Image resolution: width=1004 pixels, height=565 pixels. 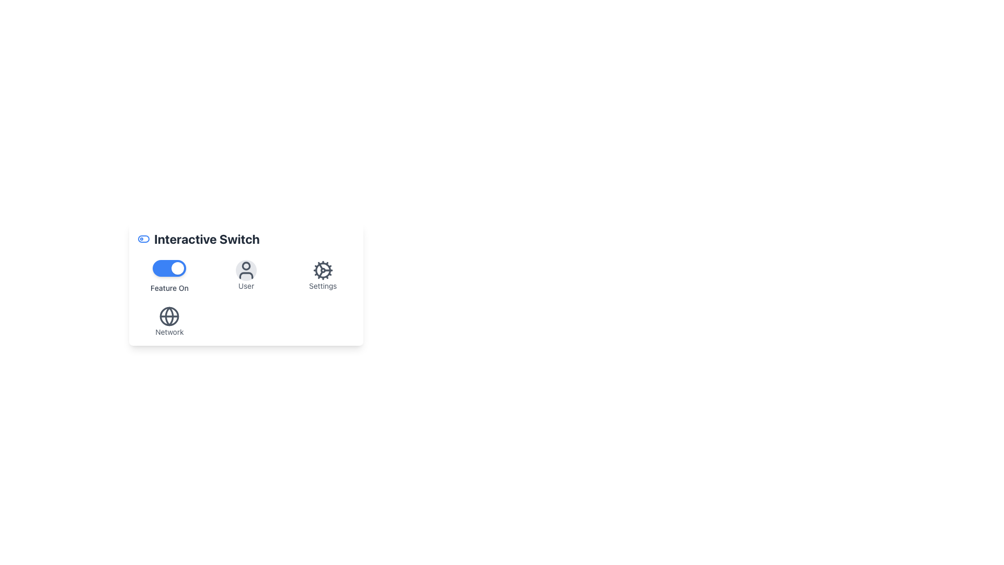 What do you see at coordinates (178, 268) in the screenshot?
I see `the circular white toggle knob at the right end of the blue toggle switch to switch its state` at bounding box center [178, 268].